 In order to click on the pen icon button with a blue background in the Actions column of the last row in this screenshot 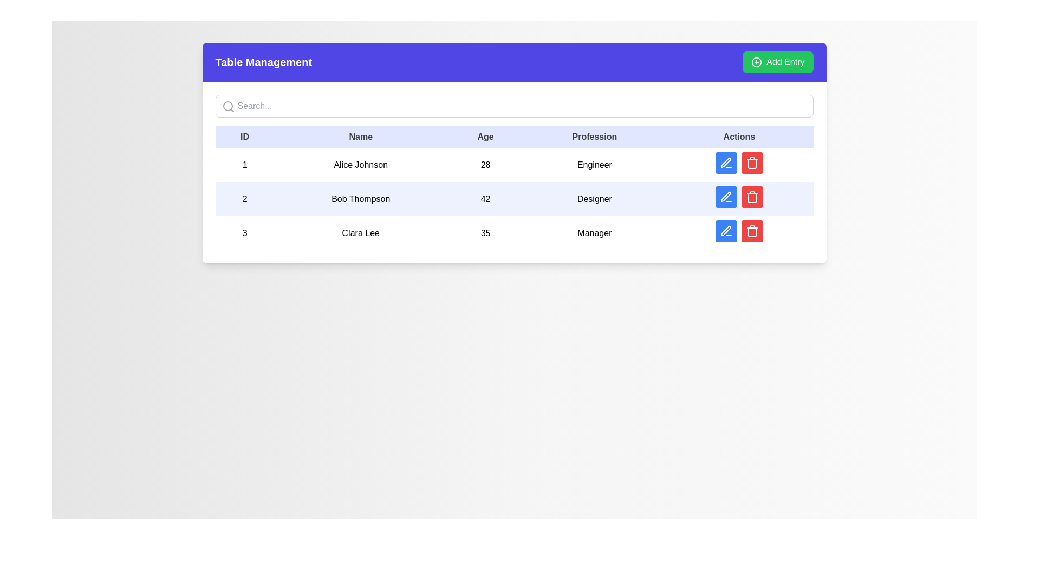, I will do `click(726, 231)`.